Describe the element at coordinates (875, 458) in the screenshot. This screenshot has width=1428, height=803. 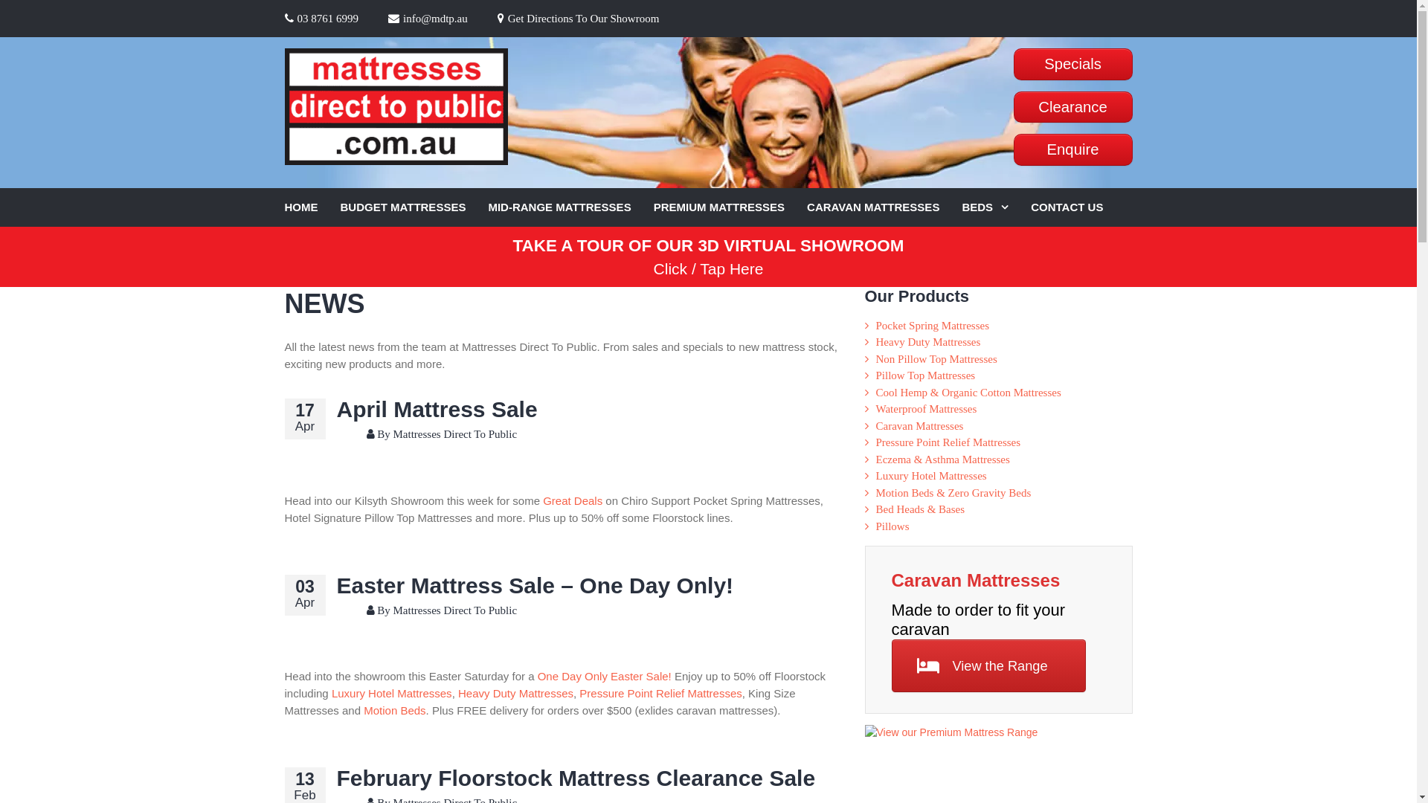
I see `'Eczema & Asthma Mattresses'` at that location.